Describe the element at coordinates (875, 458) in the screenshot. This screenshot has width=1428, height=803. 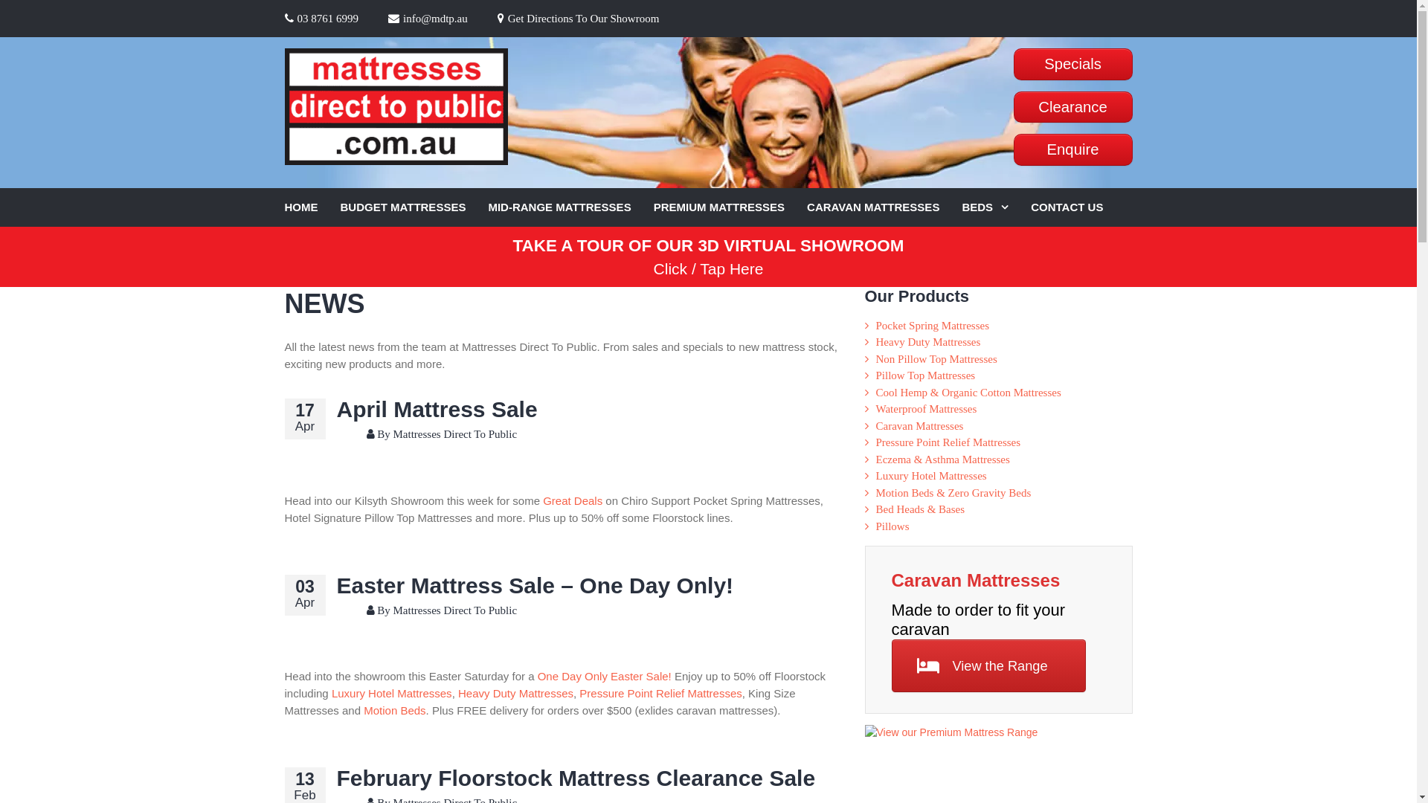
I see `'Eczema & Asthma Mattresses'` at that location.